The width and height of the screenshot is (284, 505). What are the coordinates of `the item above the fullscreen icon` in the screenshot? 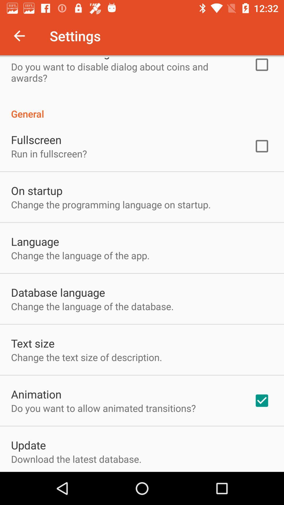 It's located at (142, 108).